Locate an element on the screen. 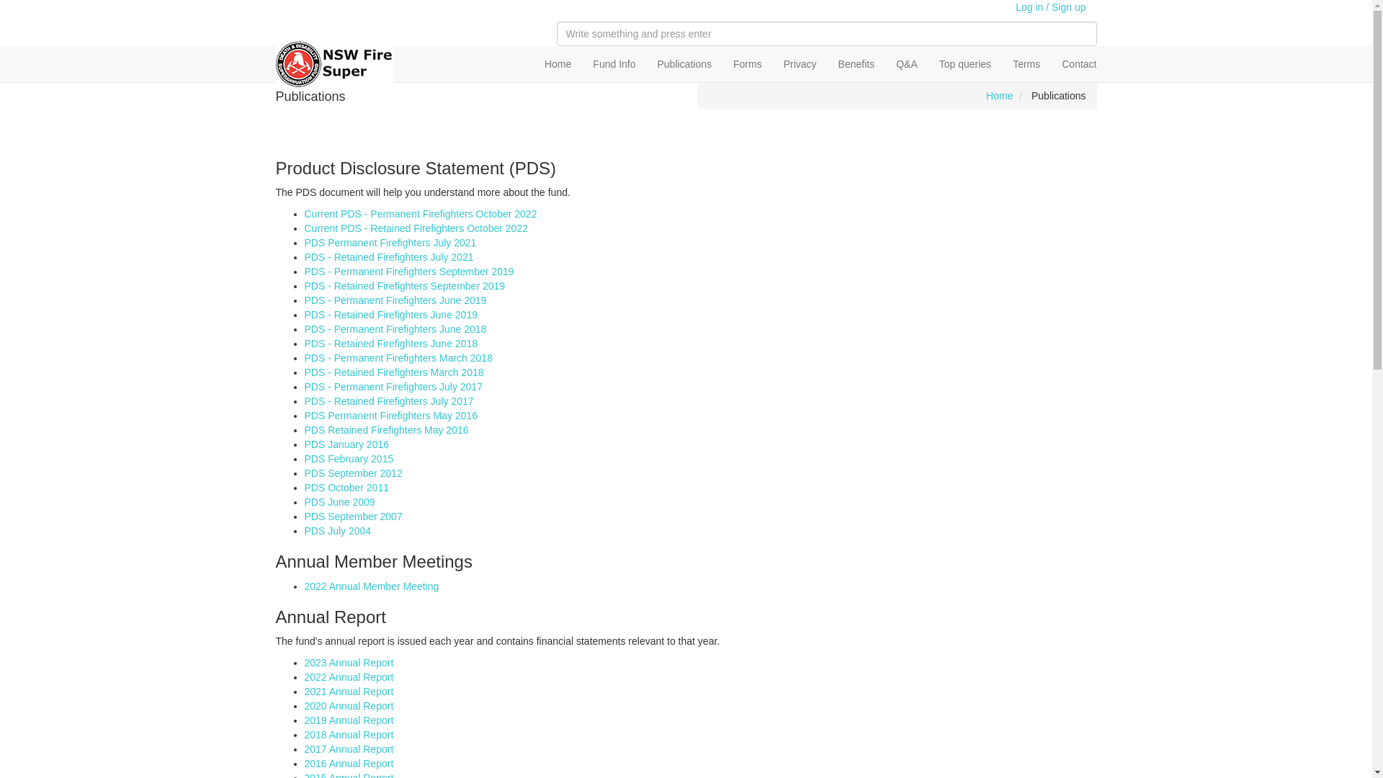 Image resolution: width=1383 pixels, height=778 pixels. 'PDS September 2012' is located at coordinates (352, 473).